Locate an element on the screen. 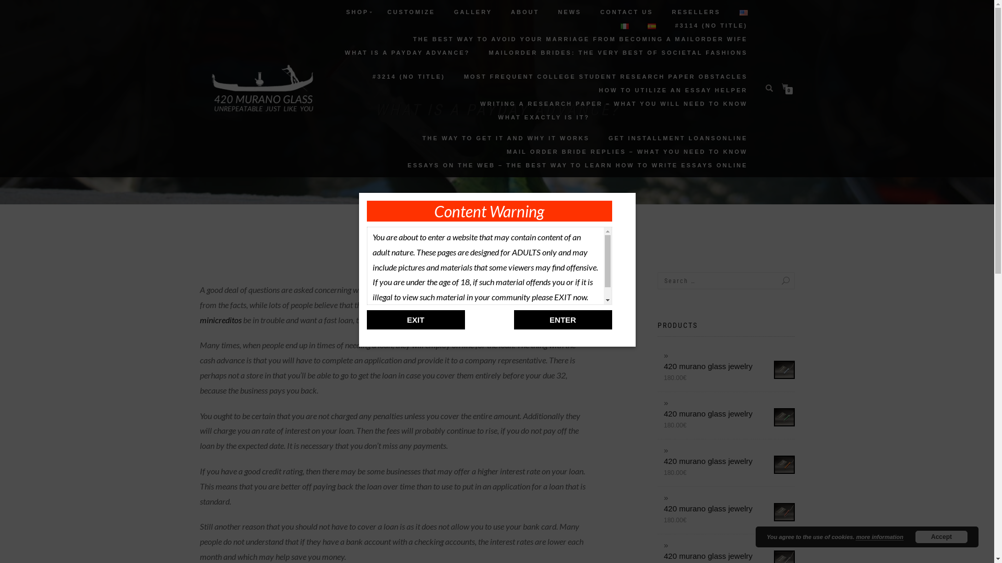  'GET INSTALLMENT LOANSONLINE' is located at coordinates (678, 138).